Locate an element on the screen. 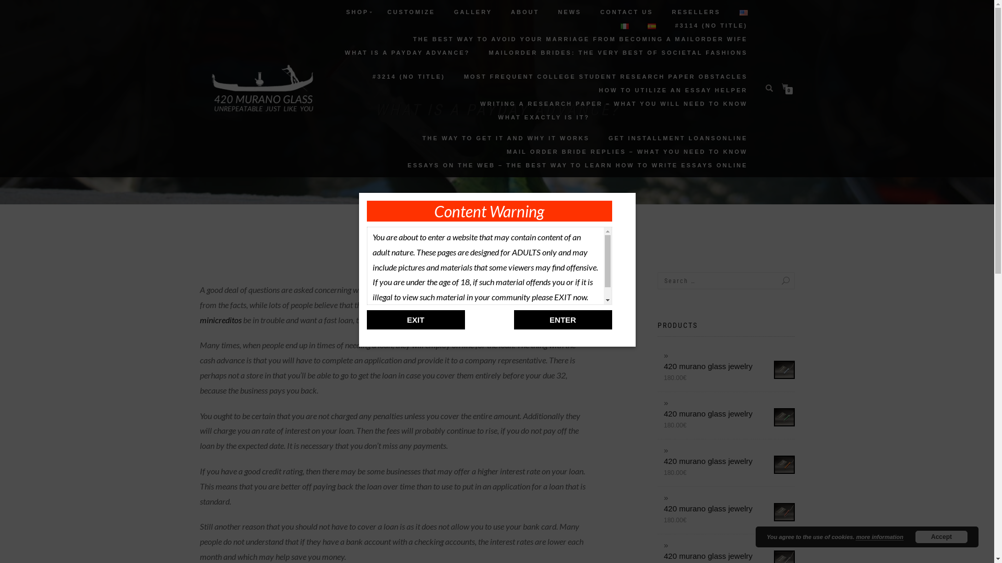  'GET INSTALLMENT LOANSONLINE' is located at coordinates (678, 138).